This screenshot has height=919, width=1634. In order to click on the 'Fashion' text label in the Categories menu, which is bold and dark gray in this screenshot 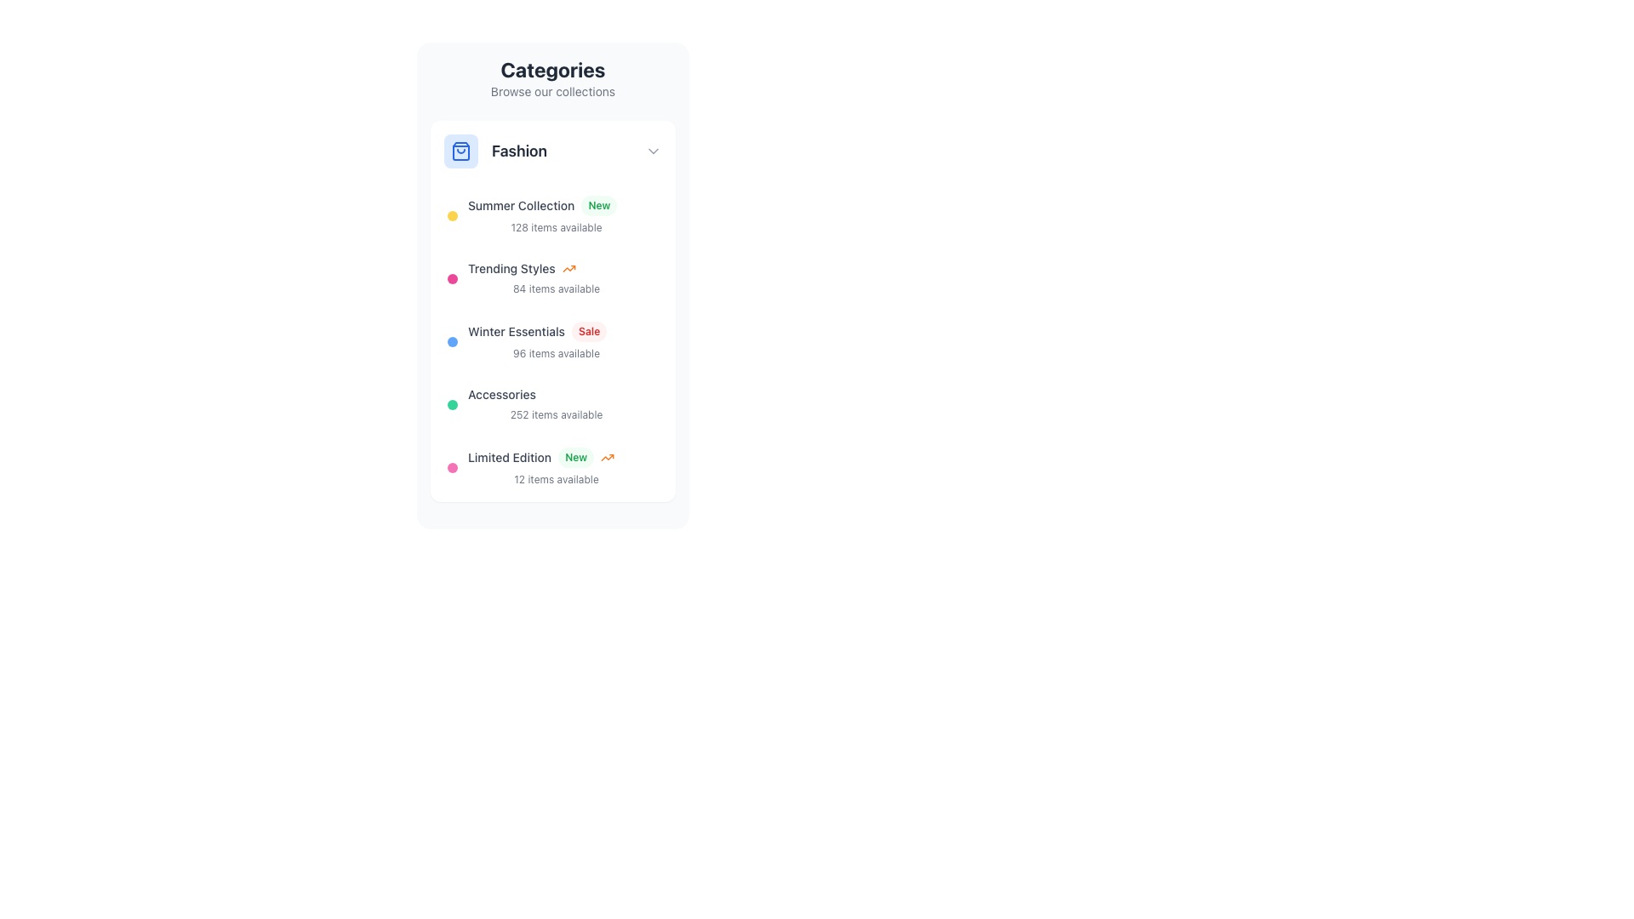, I will do `click(518, 150)`.